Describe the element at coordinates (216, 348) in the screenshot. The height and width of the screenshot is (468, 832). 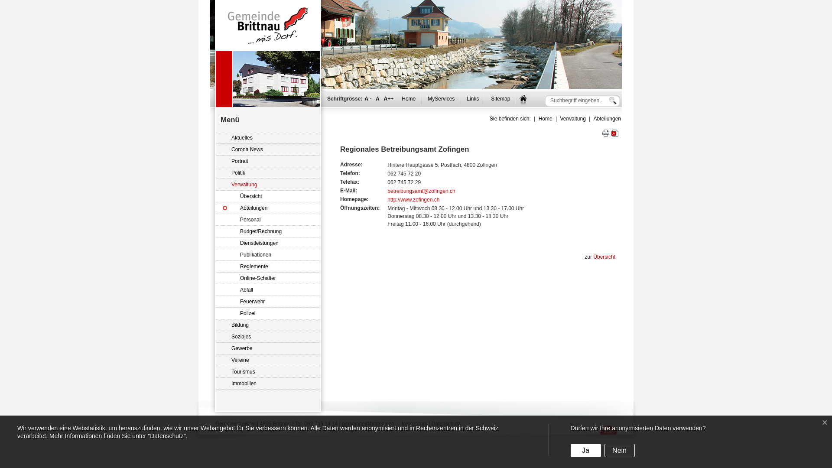
I see `'Gewerbe'` at that location.